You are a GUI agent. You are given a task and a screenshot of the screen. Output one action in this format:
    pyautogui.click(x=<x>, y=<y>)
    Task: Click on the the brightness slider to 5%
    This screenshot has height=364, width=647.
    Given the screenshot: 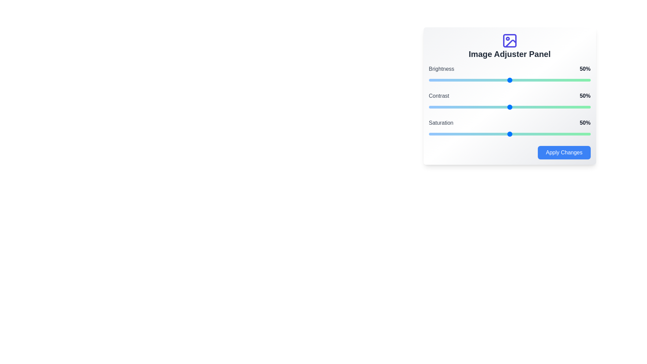 What is the action you would take?
    pyautogui.click(x=437, y=80)
    